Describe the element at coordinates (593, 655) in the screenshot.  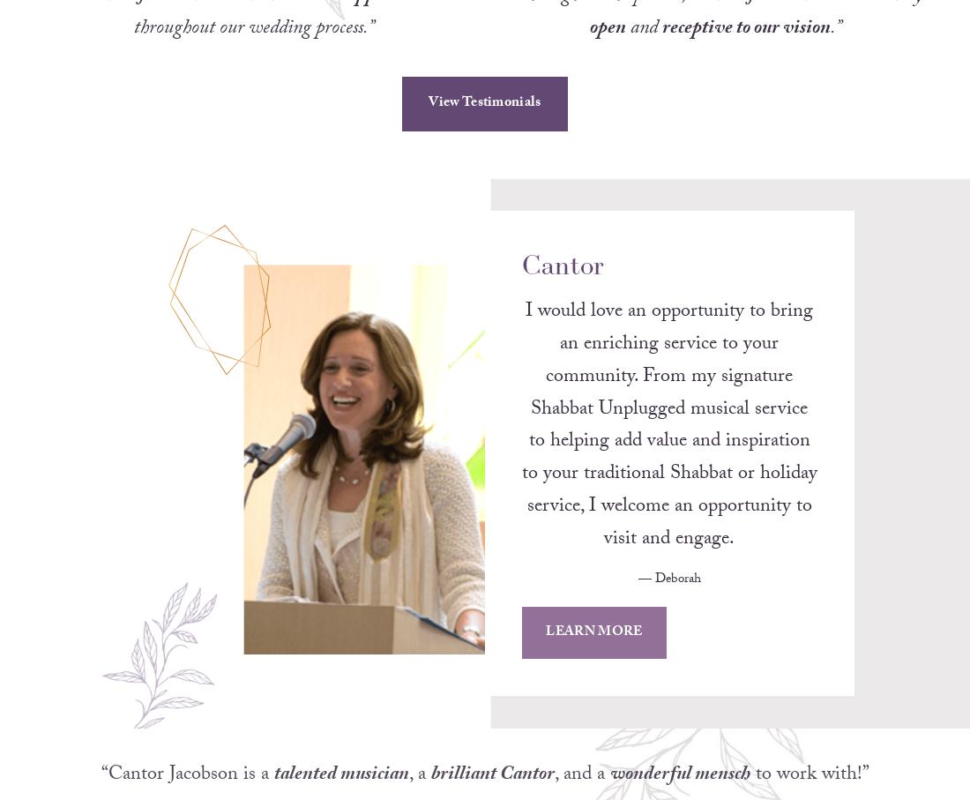
I see `'LEARN MORE'` at that location.